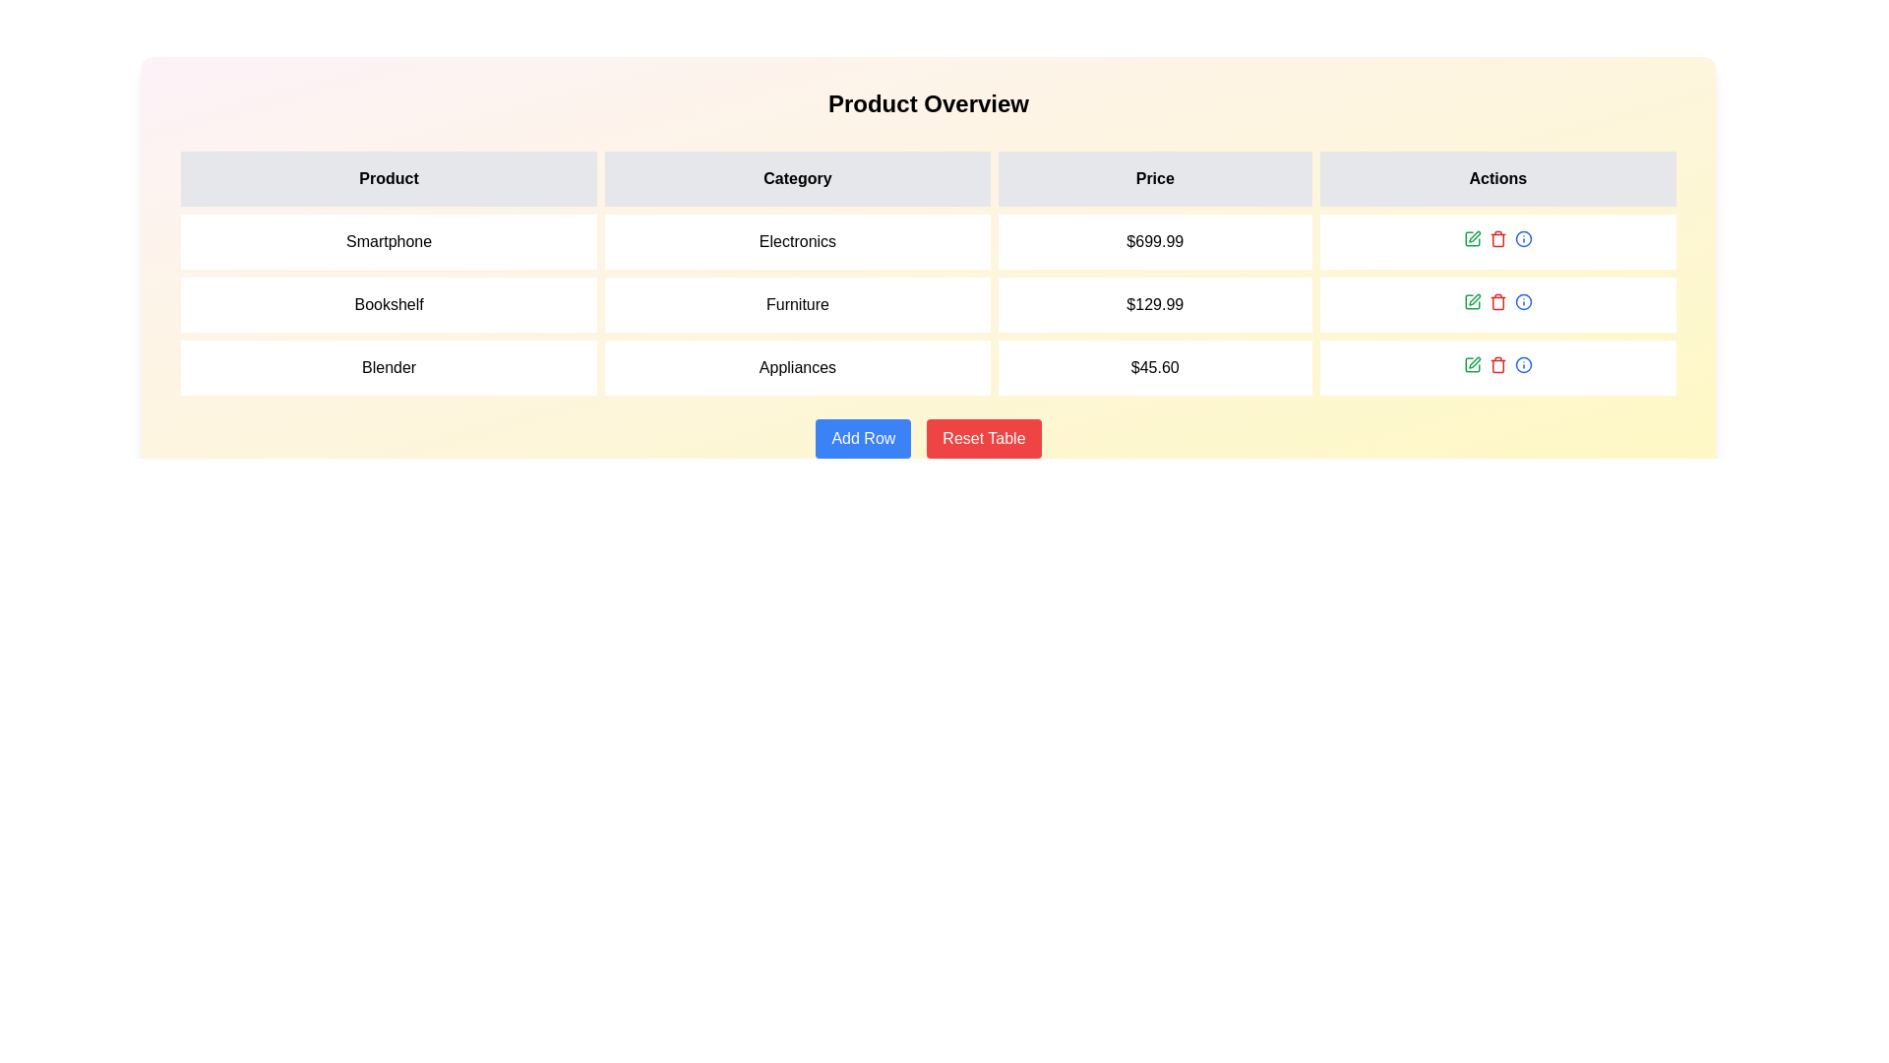  I want to click on the 'Smartphone' text label located in the first row of the table under the 'Product' column, which is displayed in a black sans-serif font, so click(389, 241).